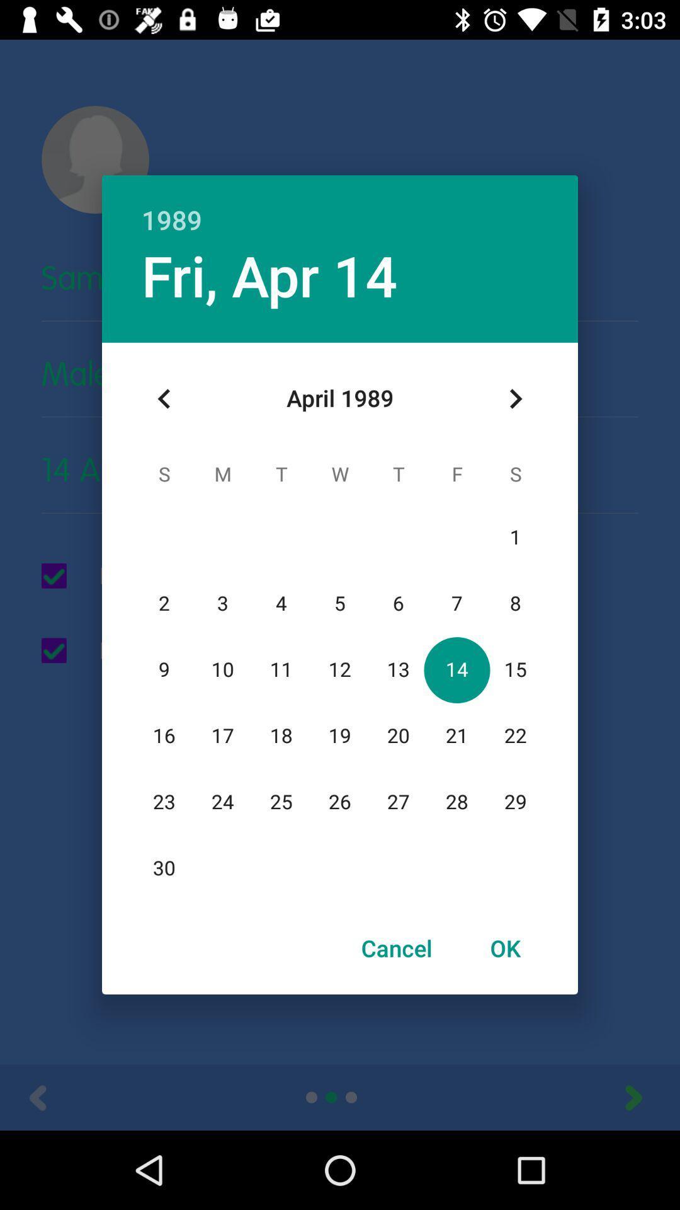 The width and height of the screenshot is (680, 1210). Describe the element at coordinates (340, 206) in the screenshot. I see `the 1989 item` at that location.